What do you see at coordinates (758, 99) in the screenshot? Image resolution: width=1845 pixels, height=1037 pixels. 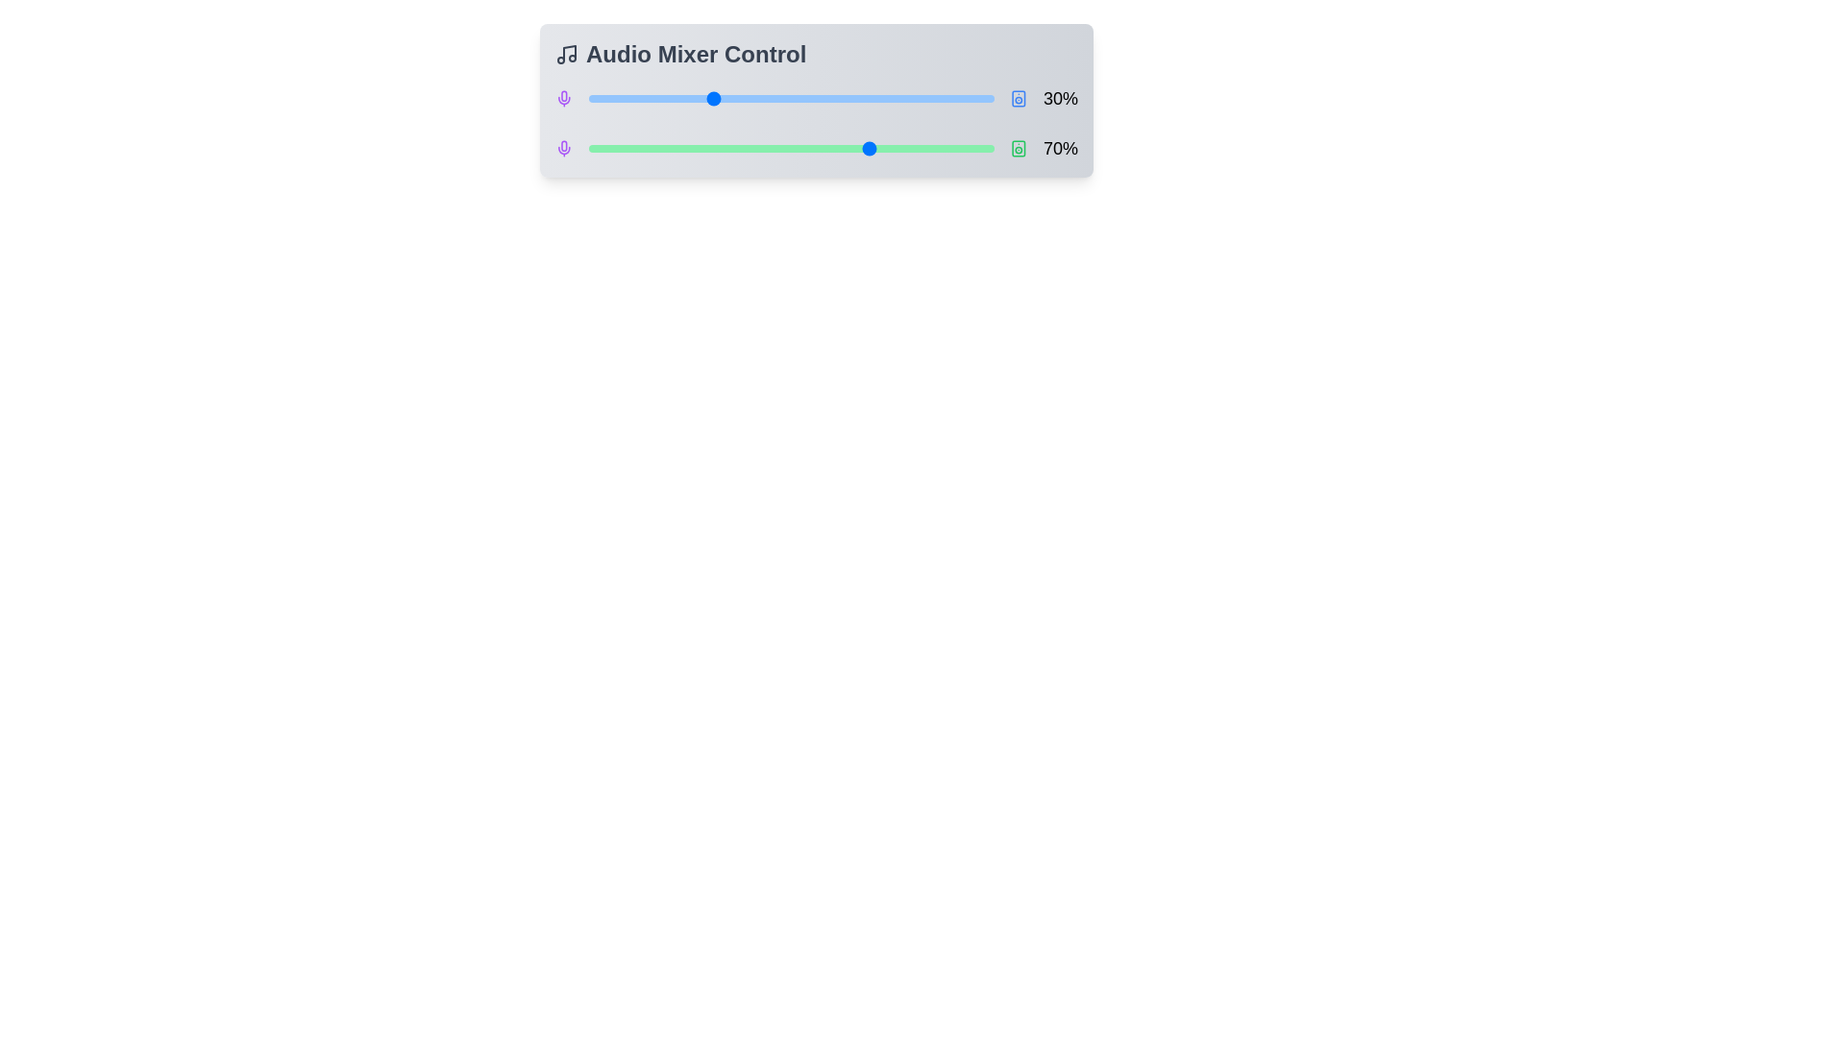 I see `the slider` at bounding box center [758, 99].